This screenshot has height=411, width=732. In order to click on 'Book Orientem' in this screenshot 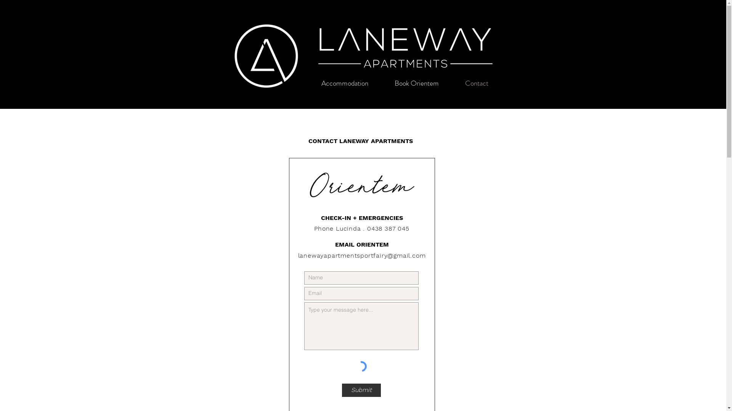, I will do `click(416, 83)`.